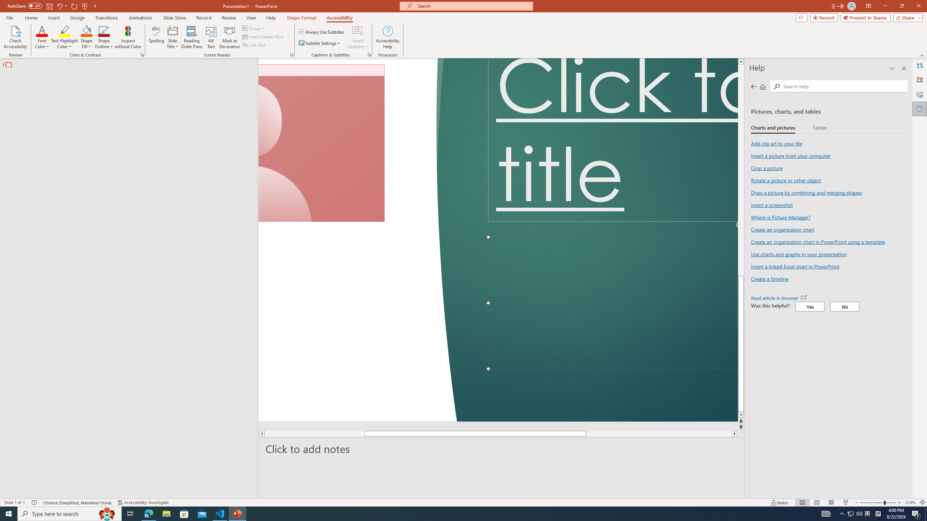 The image size is (927, 521). Describe the element at coordinates (292, 54) in the screenshot. I see `'Screen Reader'` at that location.